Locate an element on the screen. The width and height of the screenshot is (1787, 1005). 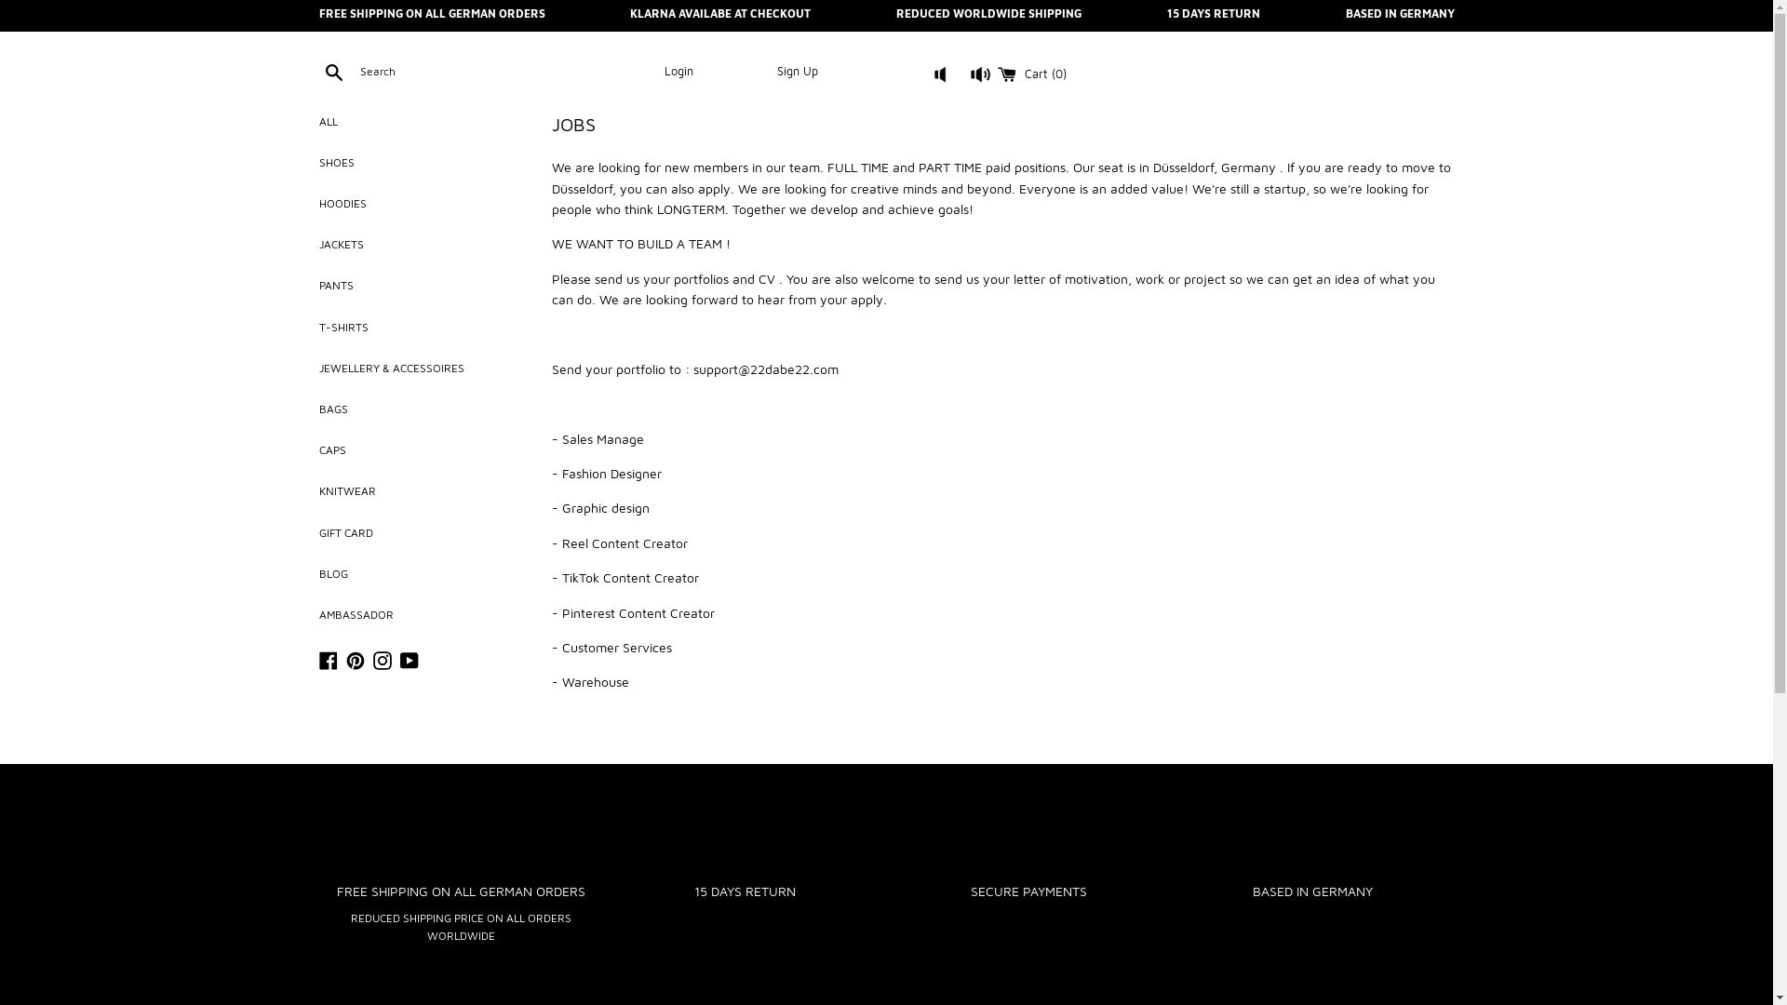
'Facebook' is located at coordinates (327, 657).